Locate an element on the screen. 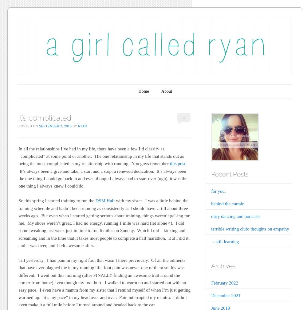 The width and height of the screenshot is (303, 310). 'In all the relationships I’ve had in my life, there have been a few I’d classify as “complicated” at some point or another.  The one relationship in my life that stands out as being the.most.complicated is my relationship with running.  You guys remember' is located at coordinates (101, 156).